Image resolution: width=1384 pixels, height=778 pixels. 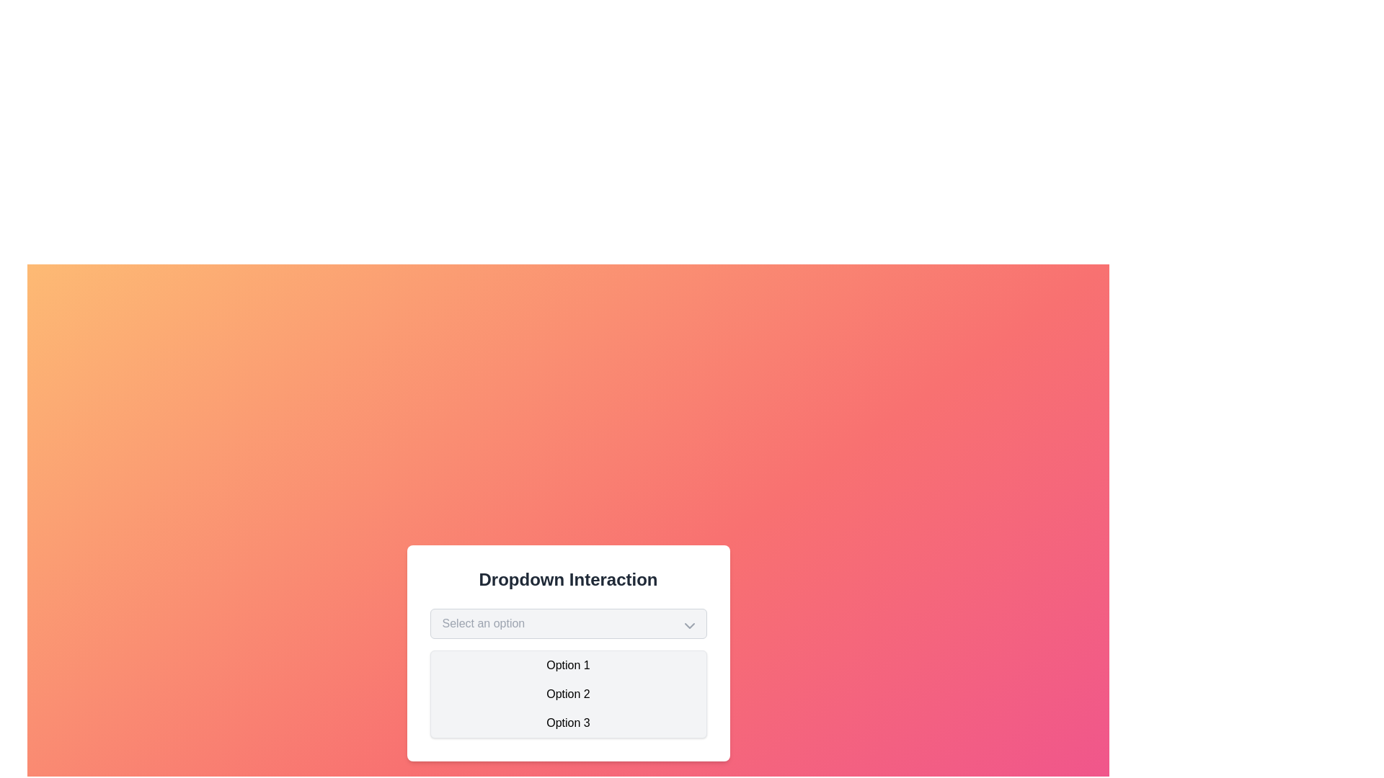 What do you see at coordinates (567, 666) in the screenshot?
I see `the first option in the dropdown menu to activate its hover state` at bounding box center [567, 666].